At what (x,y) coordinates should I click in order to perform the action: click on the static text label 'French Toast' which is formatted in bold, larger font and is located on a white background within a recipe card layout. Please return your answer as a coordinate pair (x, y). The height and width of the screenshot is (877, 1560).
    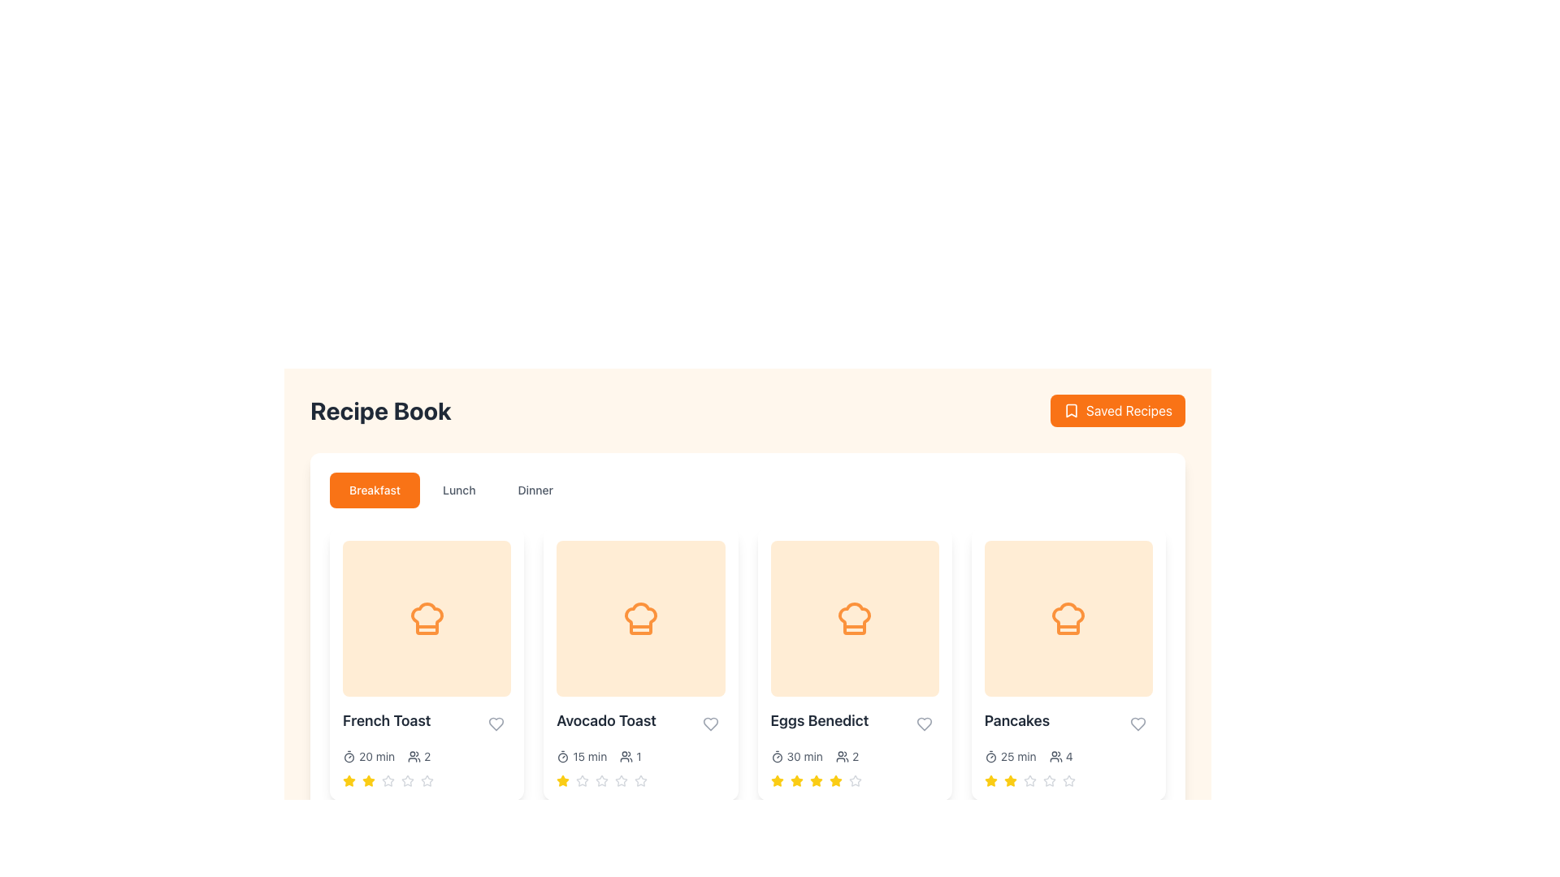
    Looking at the image, I should click on (386, 719).